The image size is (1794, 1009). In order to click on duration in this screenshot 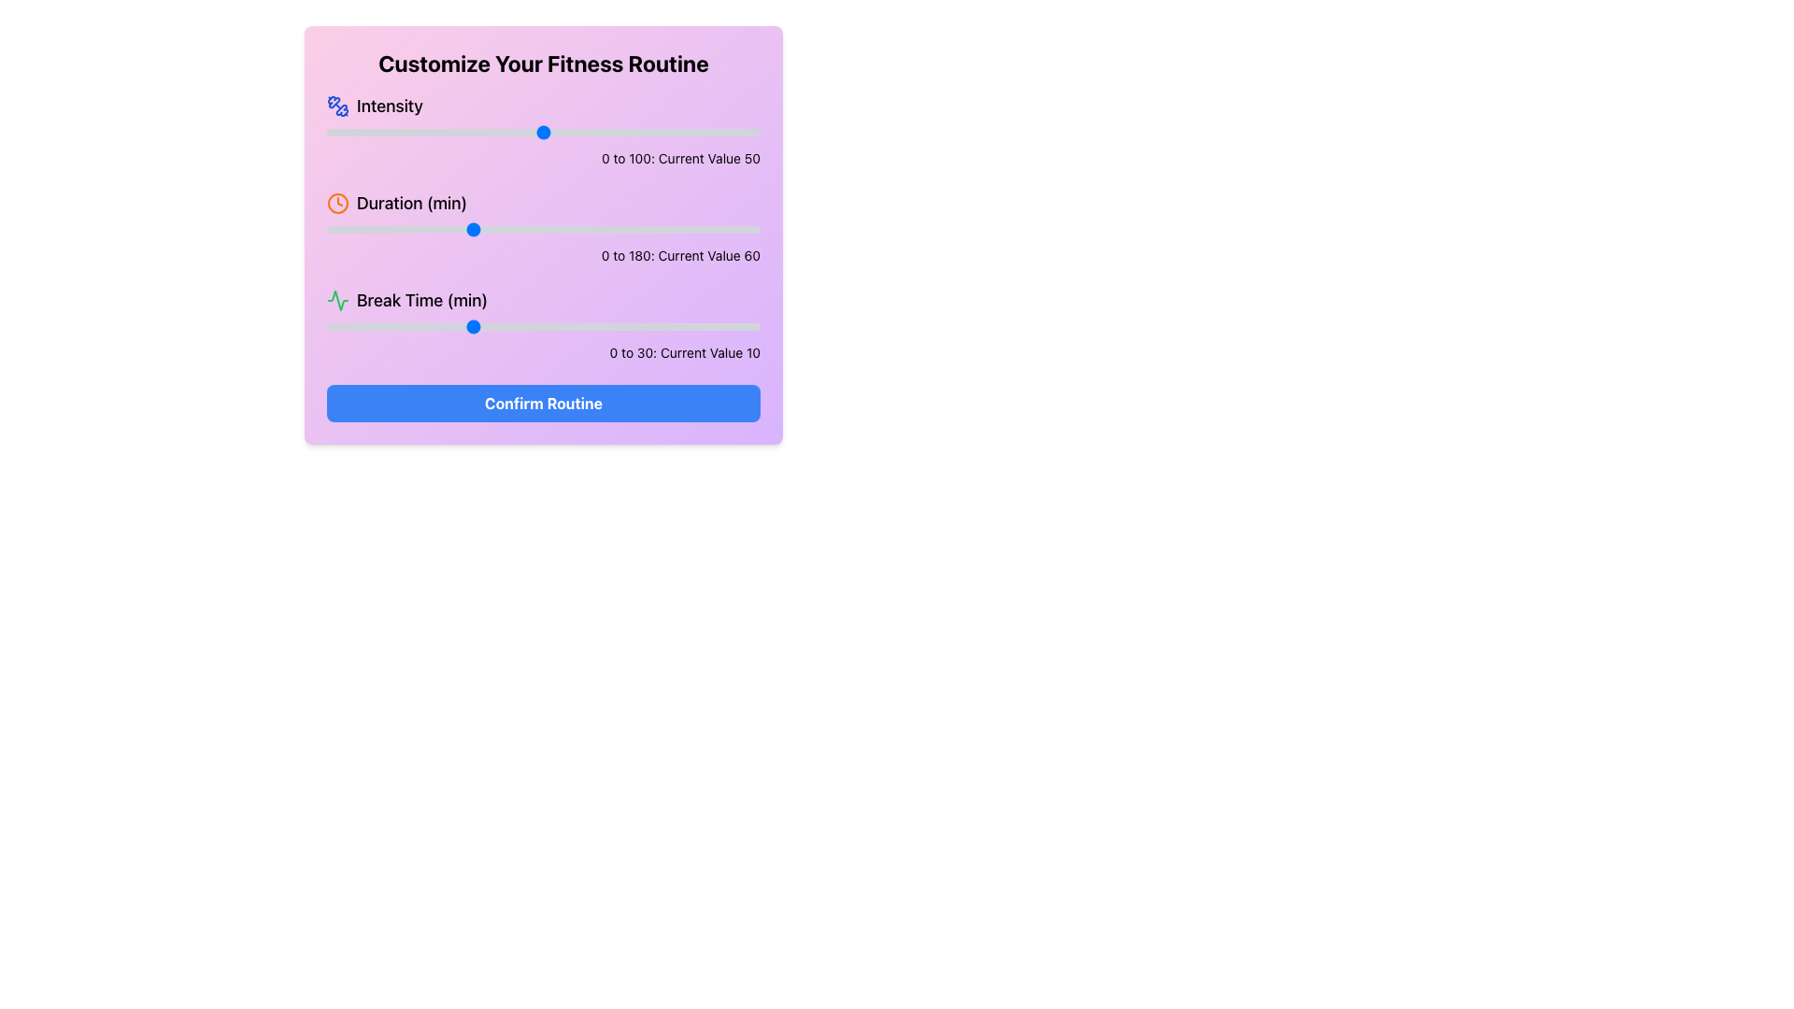, I will do `click(697, 229)`.